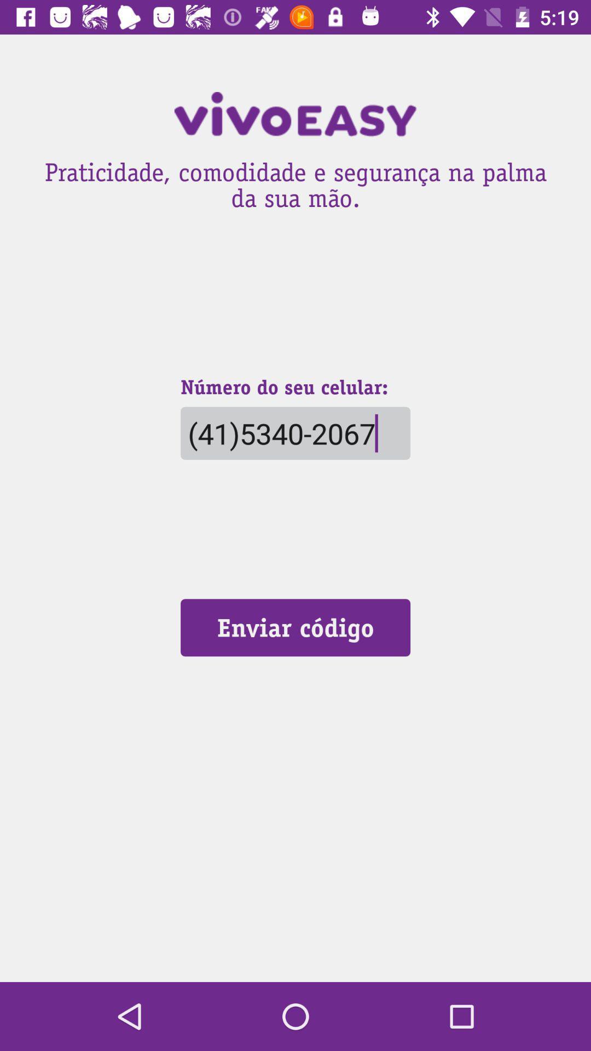 This screenshot has height=1051, width=591. Describe the element at coordinates (296, 627) in the screenshot. I see `icon below (41)5340-2067` at that location.